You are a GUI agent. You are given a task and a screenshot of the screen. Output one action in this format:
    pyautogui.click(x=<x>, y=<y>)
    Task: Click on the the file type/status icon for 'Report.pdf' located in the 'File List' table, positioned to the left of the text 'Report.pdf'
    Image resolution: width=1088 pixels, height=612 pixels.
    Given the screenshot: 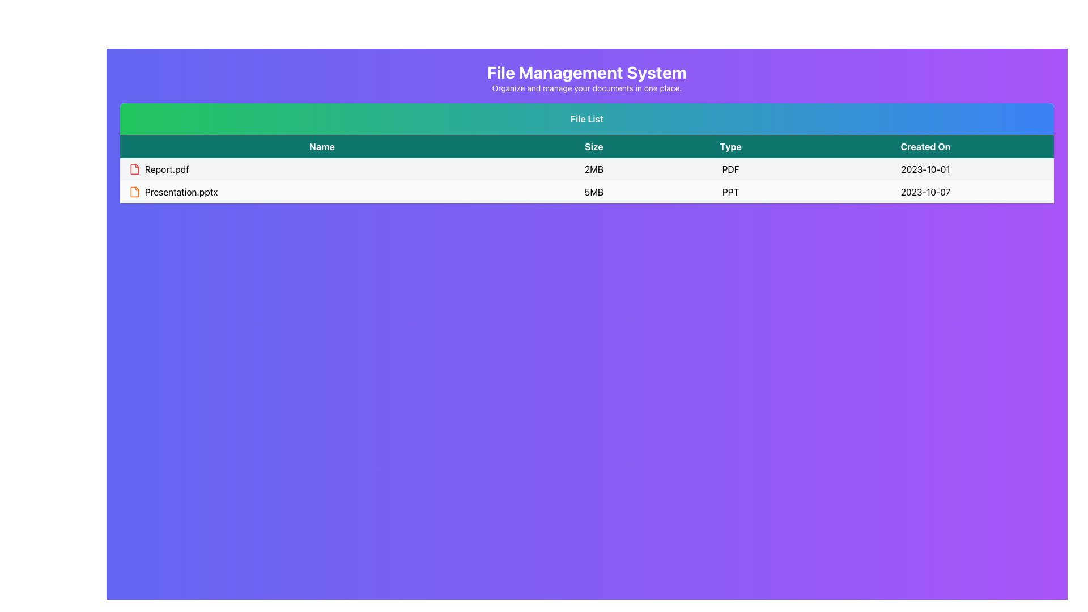 What is the action you would take?
    pyautogui.click(x=135, y=169)
    